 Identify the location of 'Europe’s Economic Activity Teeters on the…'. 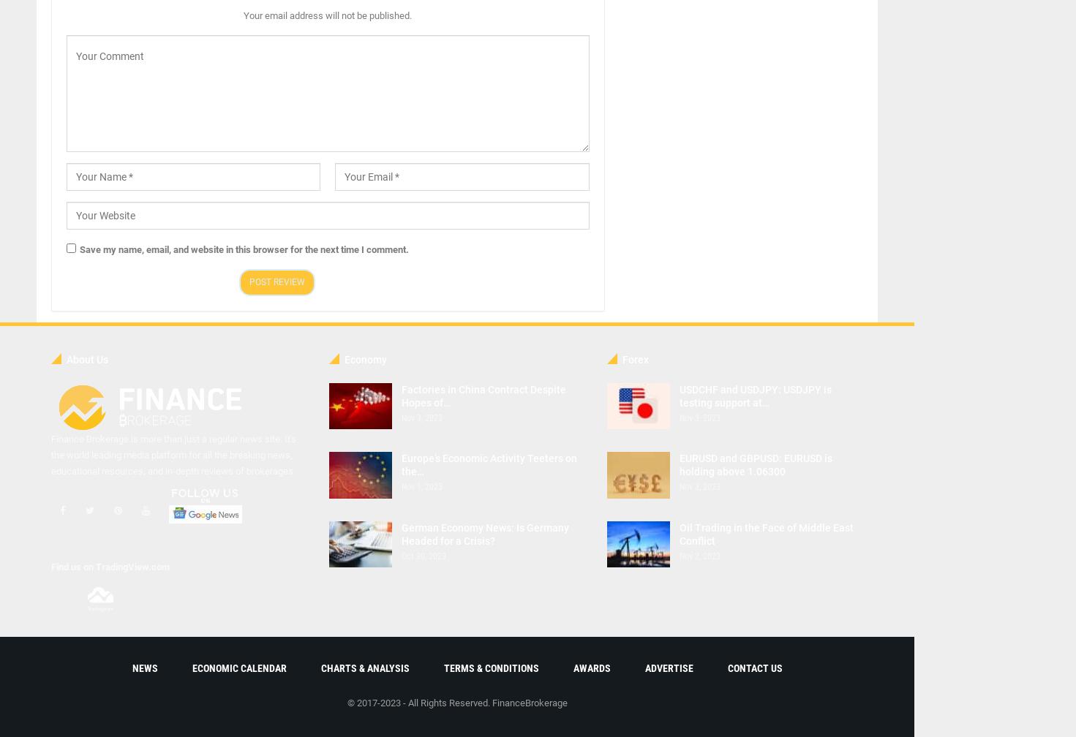
(489, 465).